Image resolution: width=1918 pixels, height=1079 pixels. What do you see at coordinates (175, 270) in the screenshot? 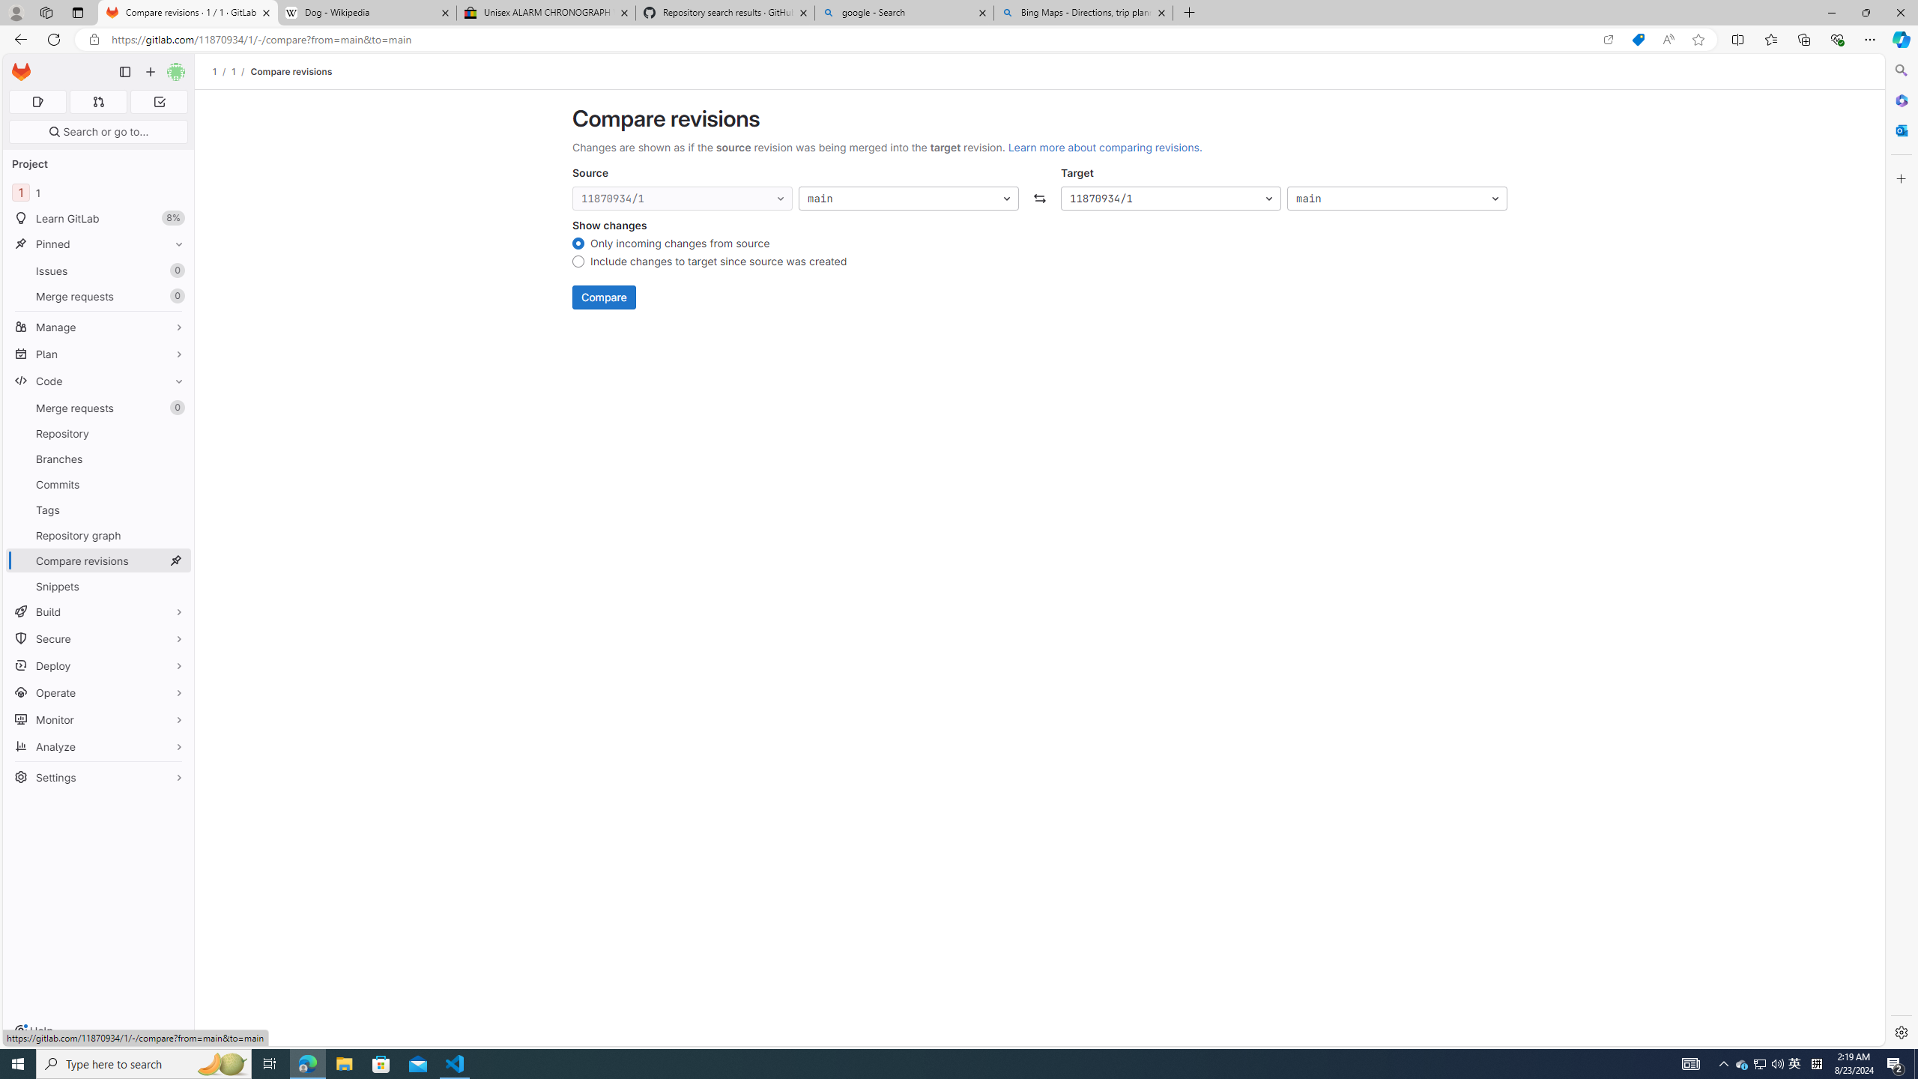
I see `'Unpin Issues'` at bounding box center [175, 270].